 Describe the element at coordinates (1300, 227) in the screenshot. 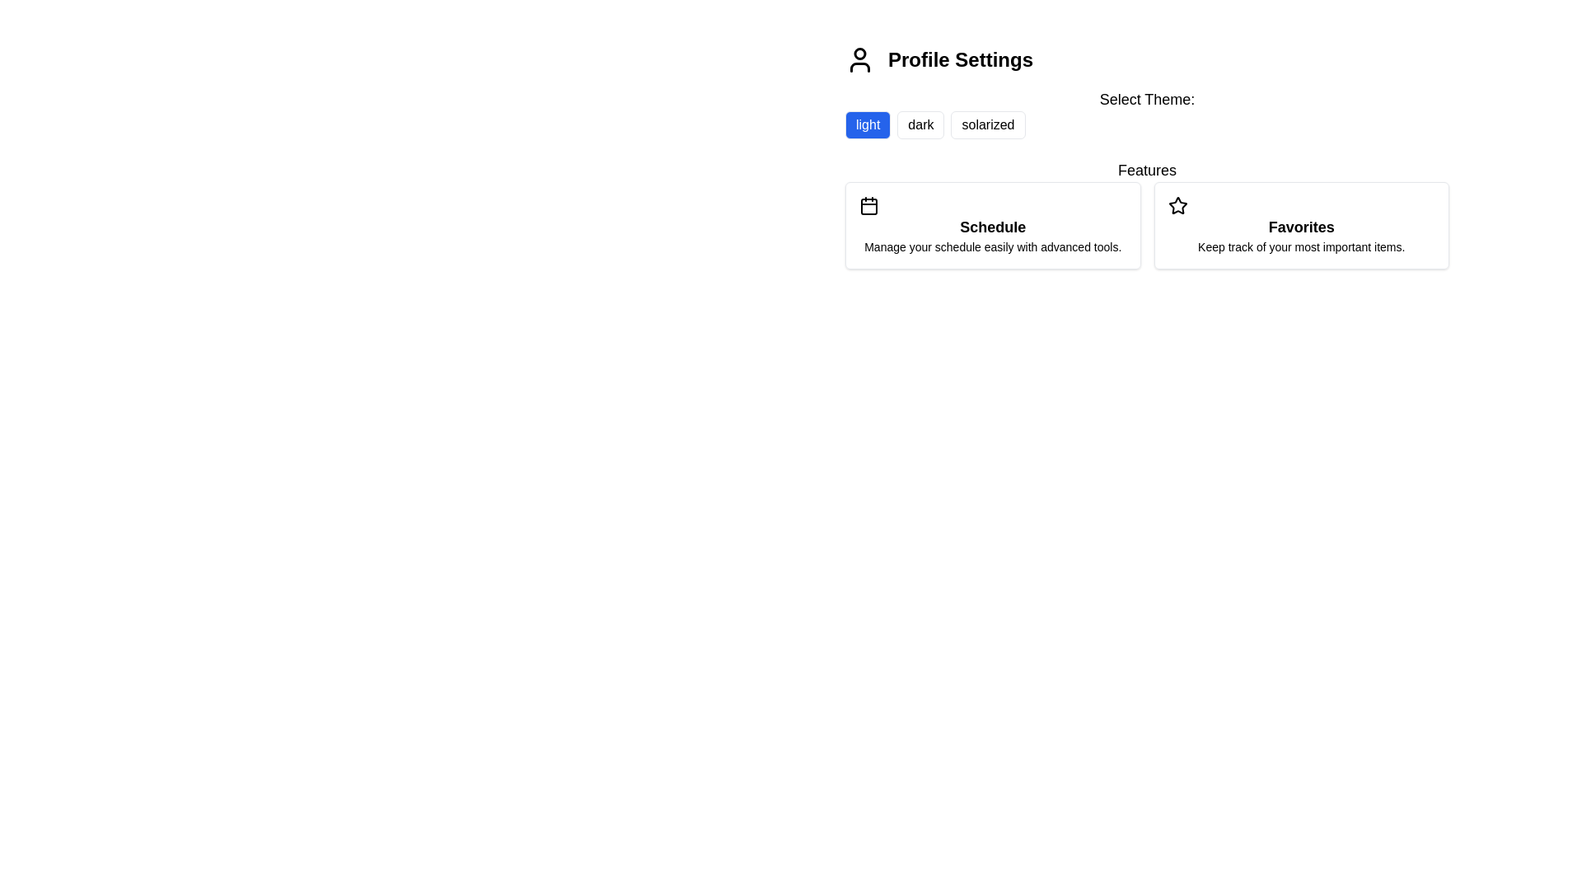

I see `the bolded text label 'Favorites' located within the second feature card, positioned below the star icon and above the descriptive text` at that location.